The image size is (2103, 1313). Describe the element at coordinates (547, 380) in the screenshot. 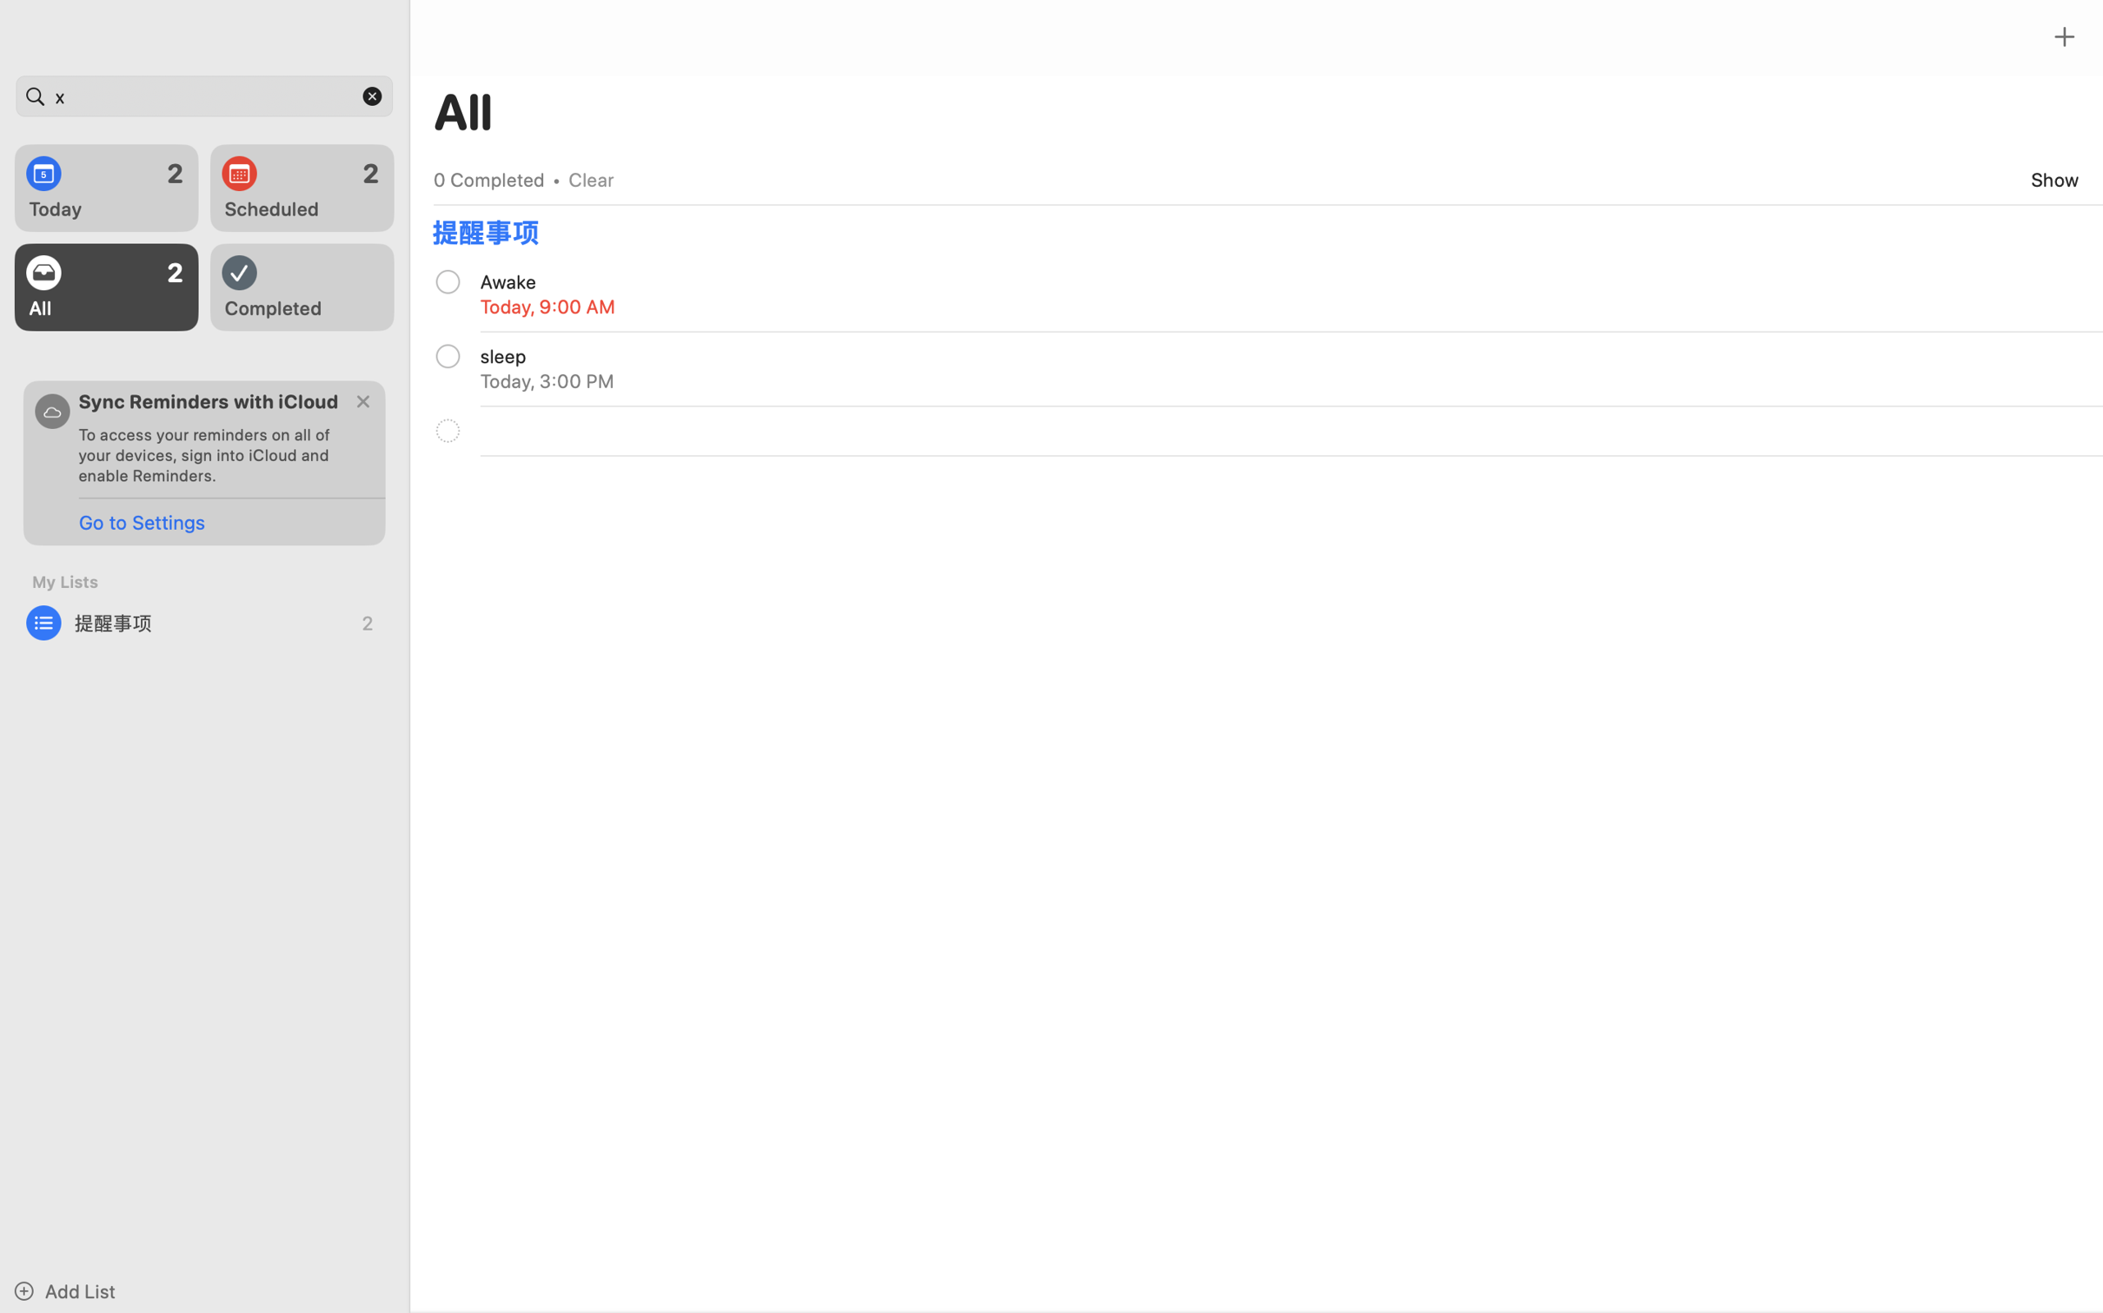

I see `'Today, 3:00 PM'` at that location.